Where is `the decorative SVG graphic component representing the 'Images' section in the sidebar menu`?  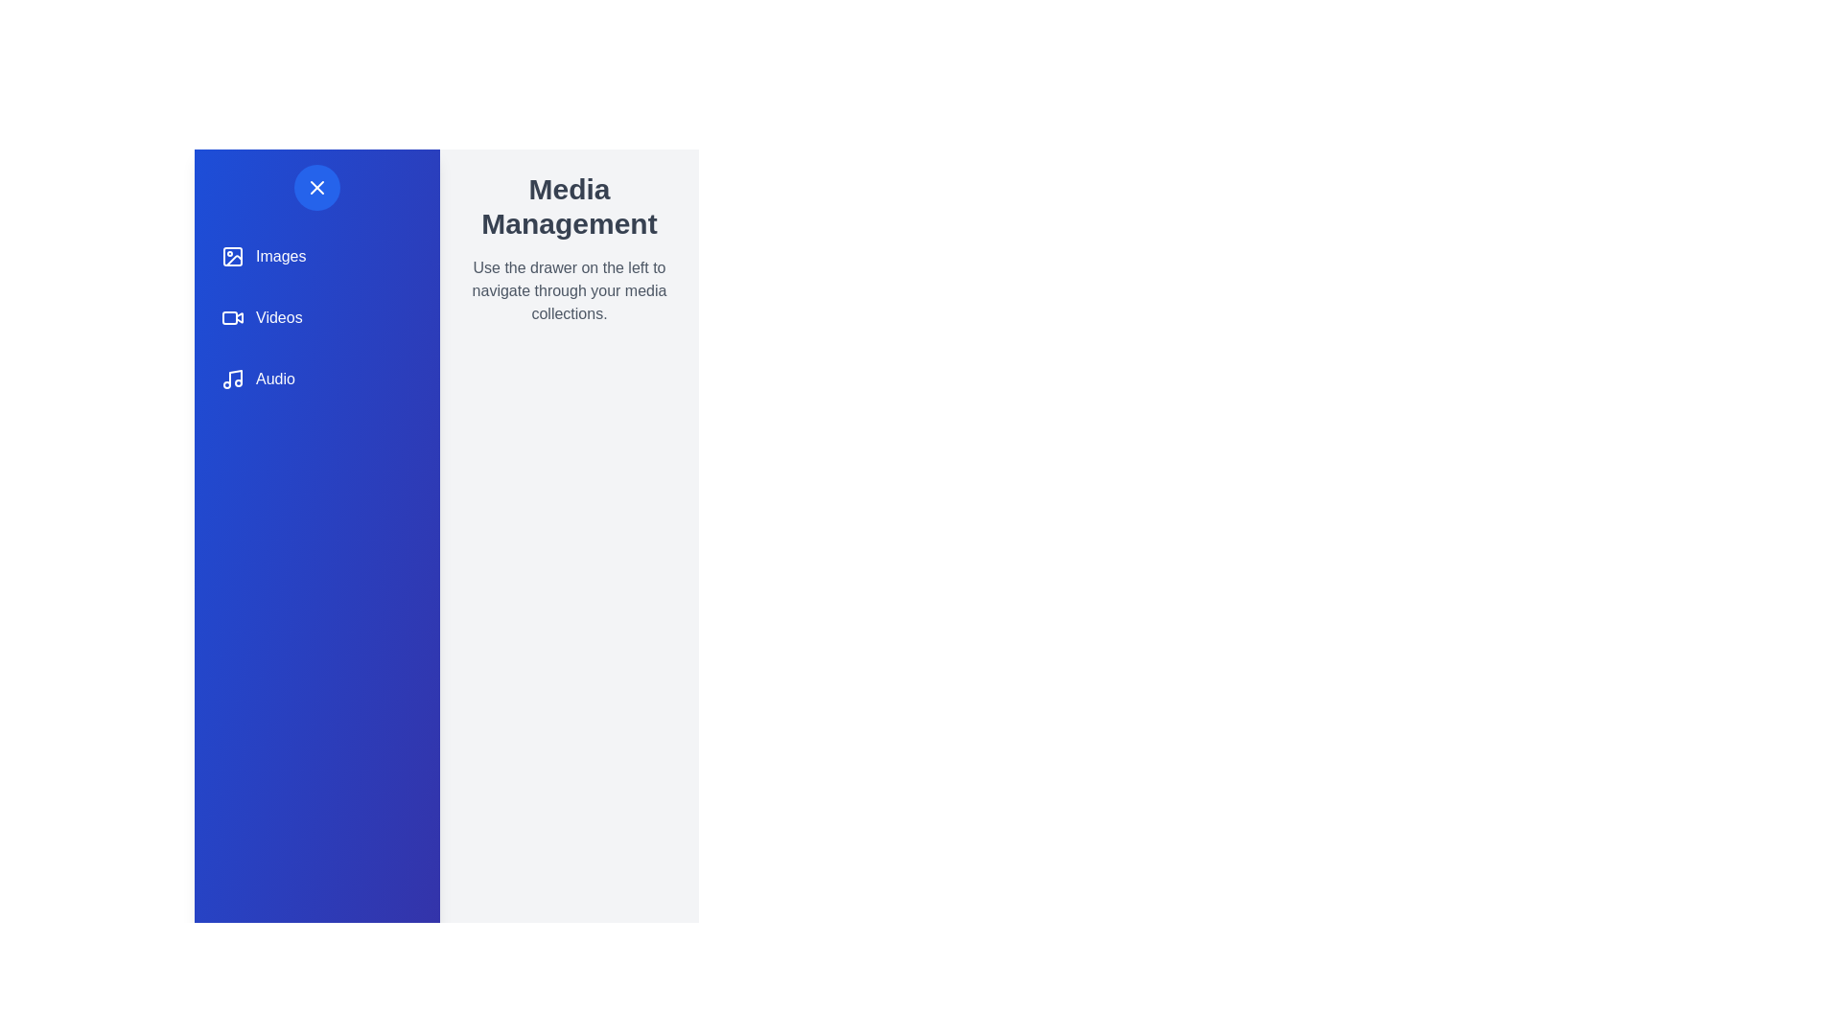
the decorative SVG graphic component representing the 'Images' section in the sidebar menu is located at coordinates (232, 255).